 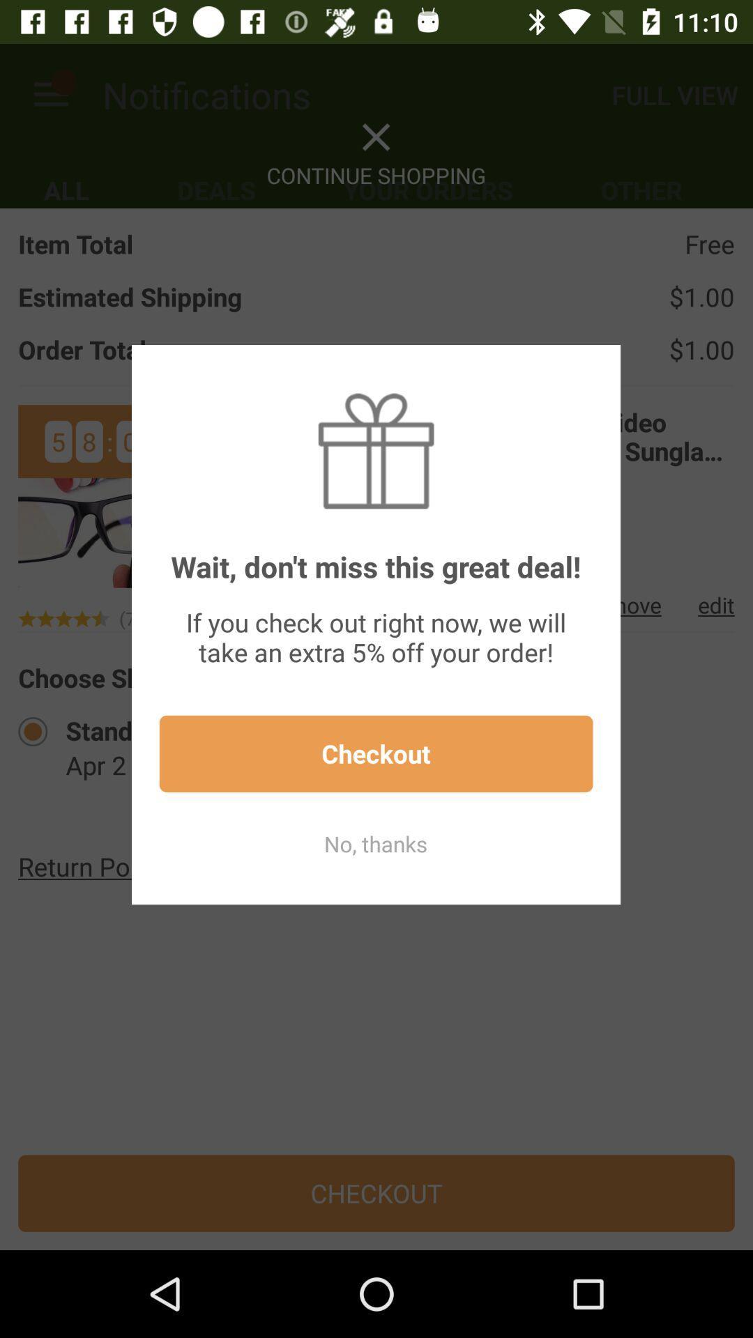 What do you see at coordinates (375, 753) in the screenshot?
I see `the item above no, thanks icon` at bounding box center [375, 753].